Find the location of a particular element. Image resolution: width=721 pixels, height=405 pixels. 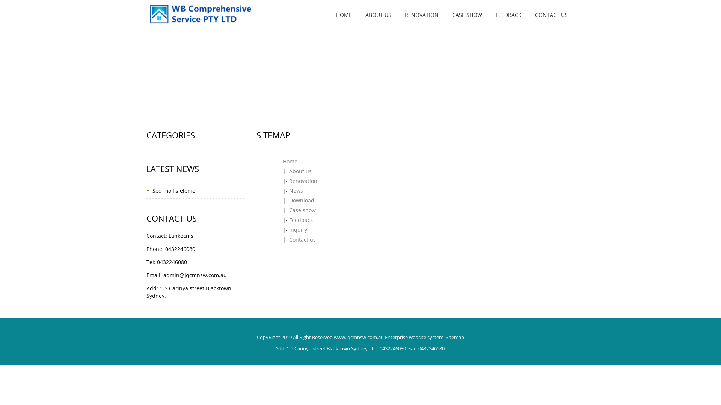

'Inquiry' is located at coordinates (297, 229).